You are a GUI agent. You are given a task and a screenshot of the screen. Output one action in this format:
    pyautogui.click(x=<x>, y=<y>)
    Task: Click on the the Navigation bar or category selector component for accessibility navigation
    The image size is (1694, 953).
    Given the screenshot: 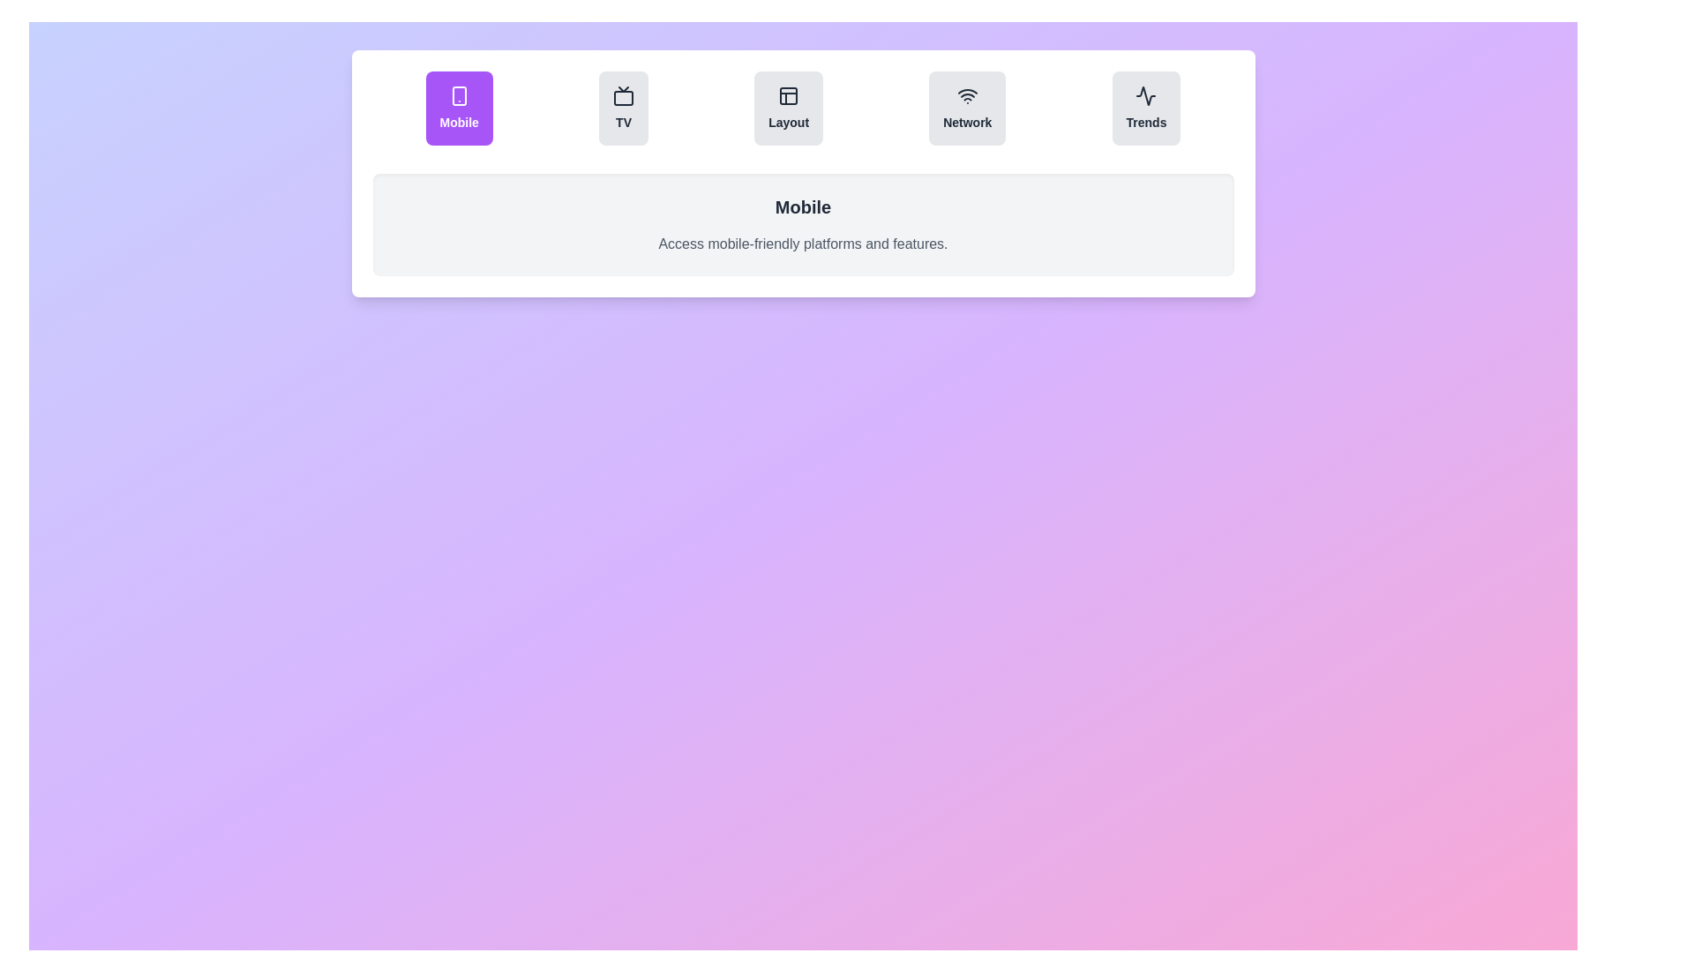 What is the action you would take?
    pyautogui.click(x=802, y=109)
    